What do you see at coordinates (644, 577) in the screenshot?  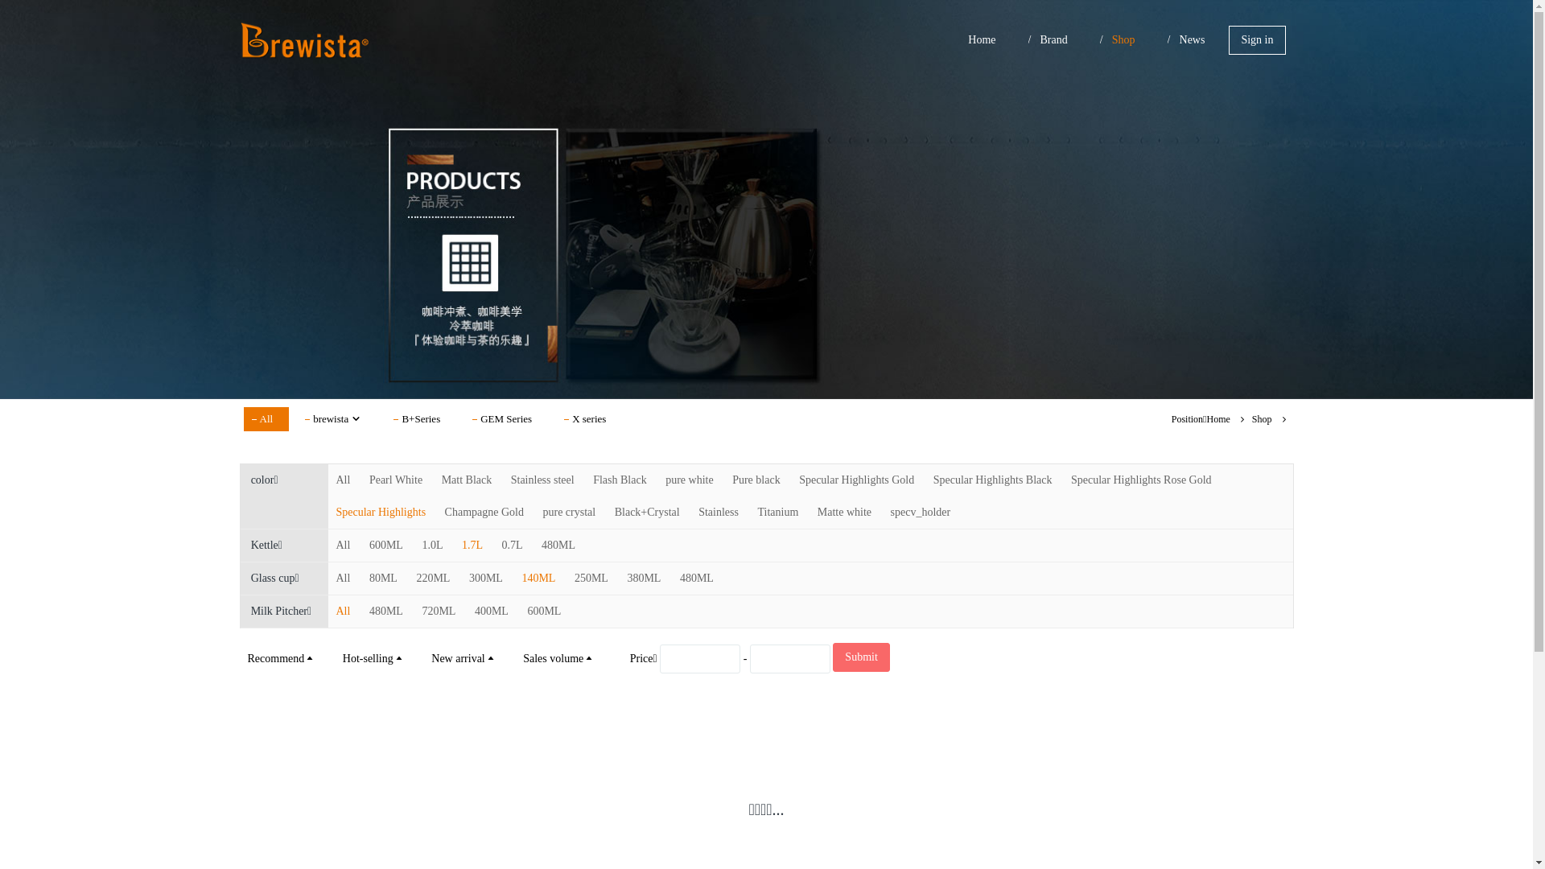 I see `'380ML'` at bounding box center [644, 577].